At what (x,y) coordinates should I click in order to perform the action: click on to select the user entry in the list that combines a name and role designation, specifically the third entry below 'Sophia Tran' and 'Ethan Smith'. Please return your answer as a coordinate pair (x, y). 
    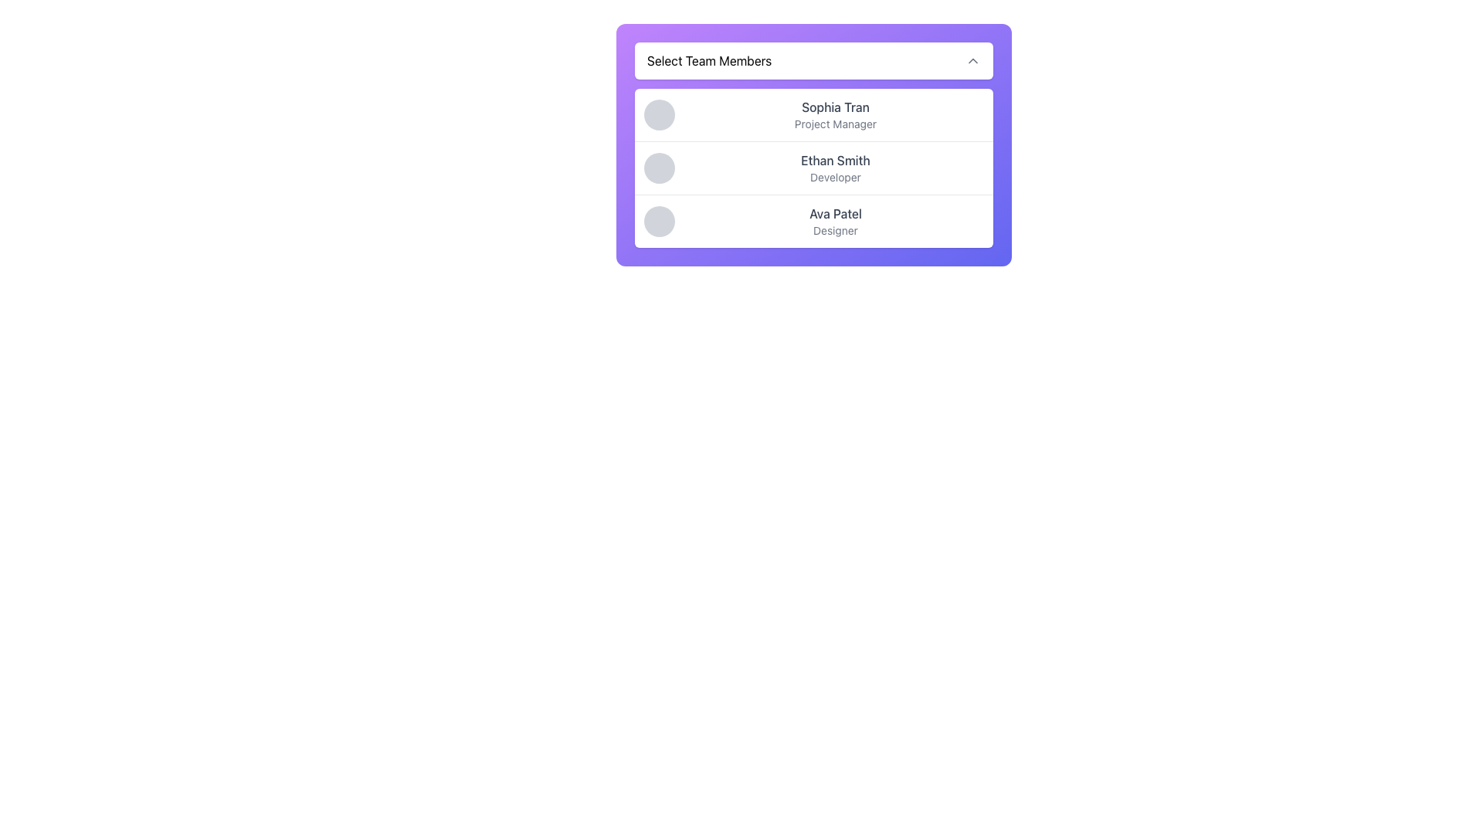
    Looking at the image, I should click on (834, 221).